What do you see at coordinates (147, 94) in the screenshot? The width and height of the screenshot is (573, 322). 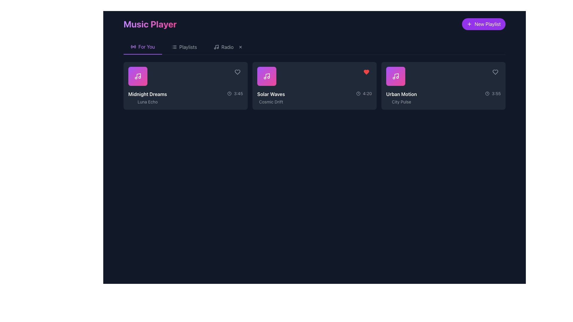 I see `the static text label displaying 'Midnight Dreams', which is prominently styled in bold and located in the top-left corner of the music player interface` at bounding box center [147, 94].